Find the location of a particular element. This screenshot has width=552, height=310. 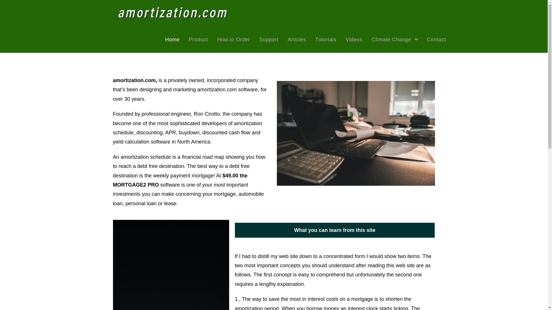

'Support' is located at coordinates (268, 39).